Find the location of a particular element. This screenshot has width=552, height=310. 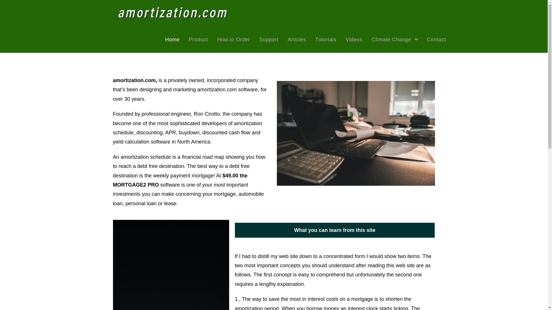

'Support' is located at coordinates (268, 39).